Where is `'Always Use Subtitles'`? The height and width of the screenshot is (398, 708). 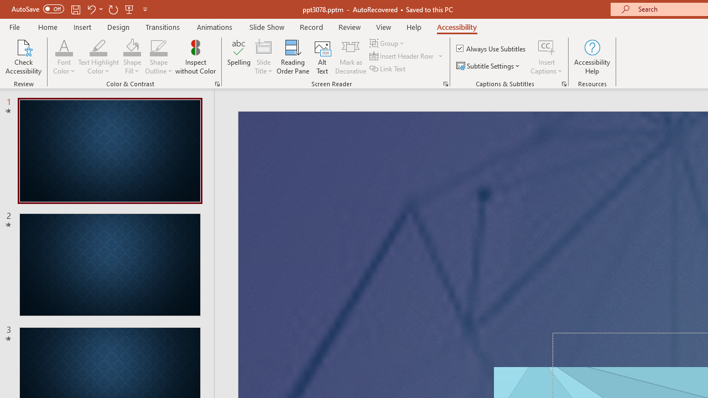
'Always Use Subtitles' is located at coordinates (491, 48).